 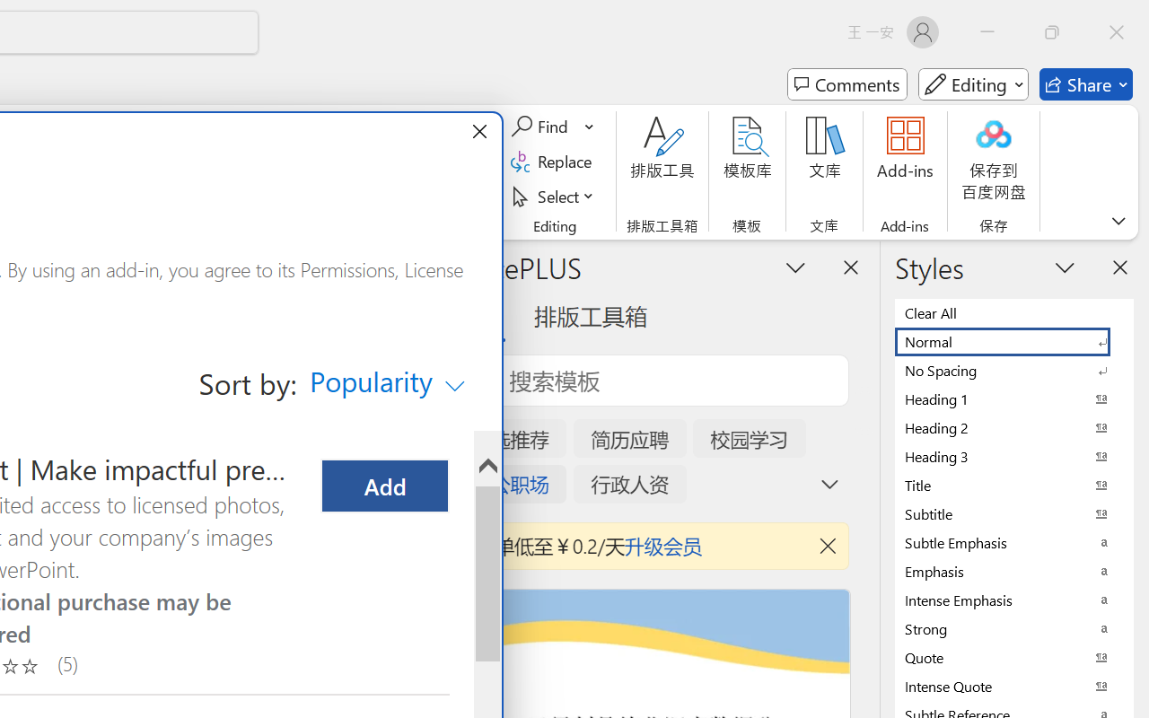 What do you see at coordinates (1014, 656) in the screenshot?
I see `'Quote'` at bounding box center [1014, 656].